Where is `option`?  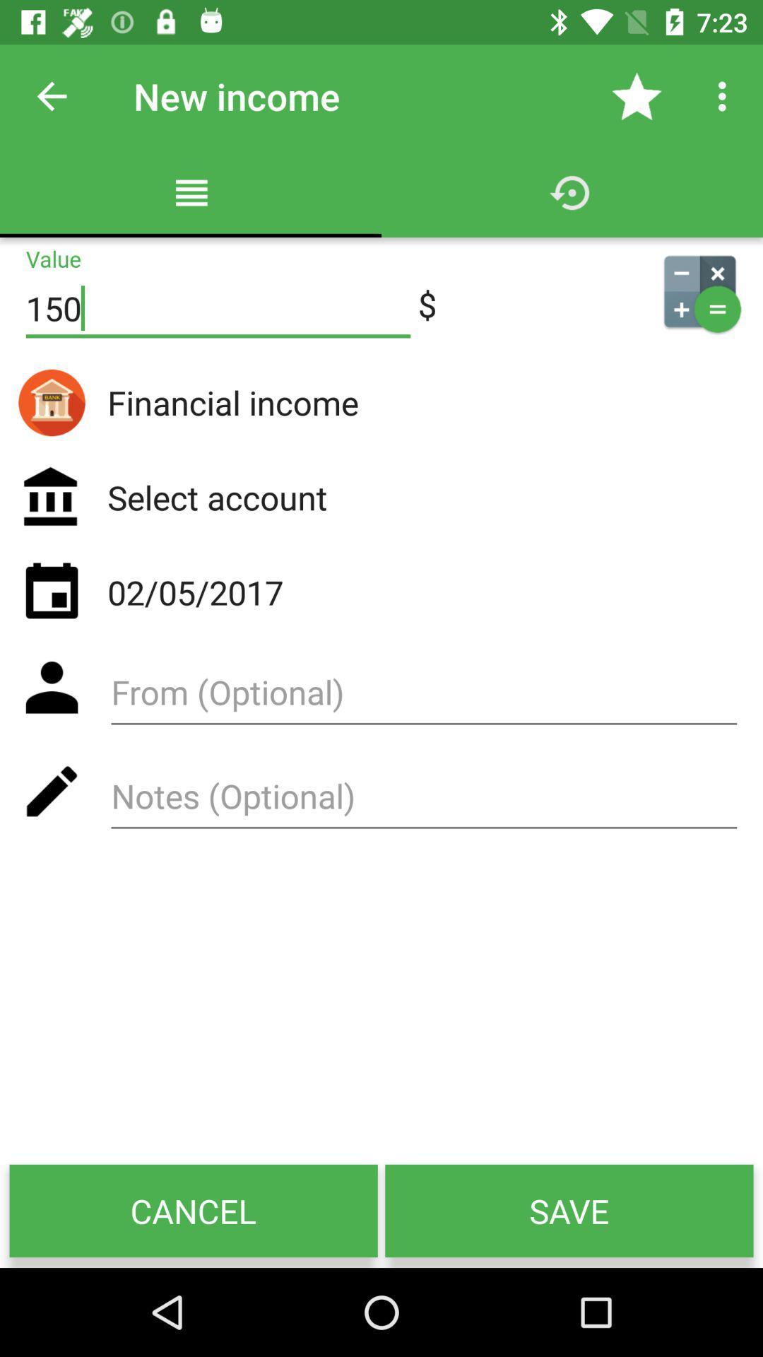
option is located at coordinates (423, 698).